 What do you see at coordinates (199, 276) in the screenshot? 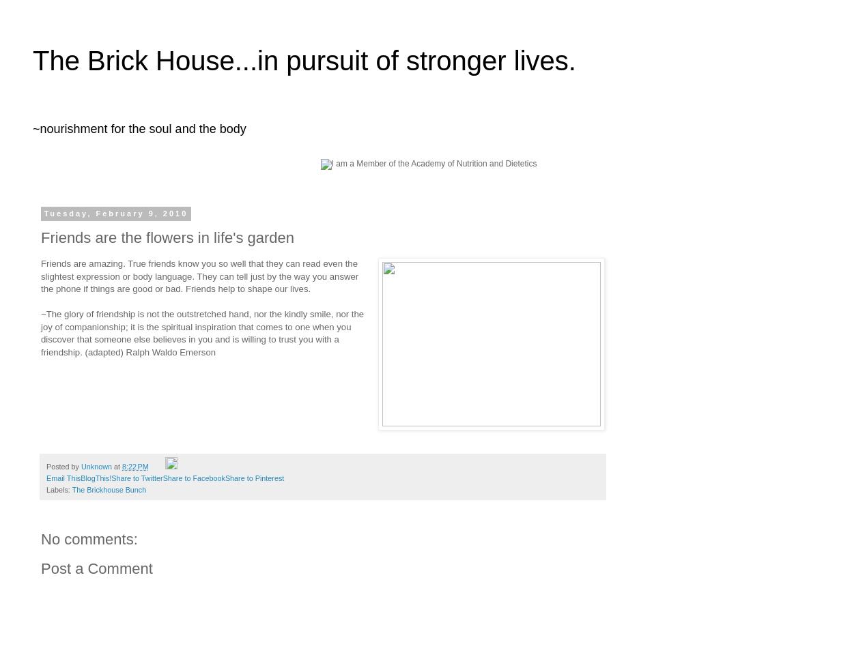
I see `'Friends are amazing. True friends know you so well that they can read even the slightest expression or body language. They can tell just by the way you answer the phone if things are good or bad. Friends help to shape our lives.'` at bounding box center [199, 276].